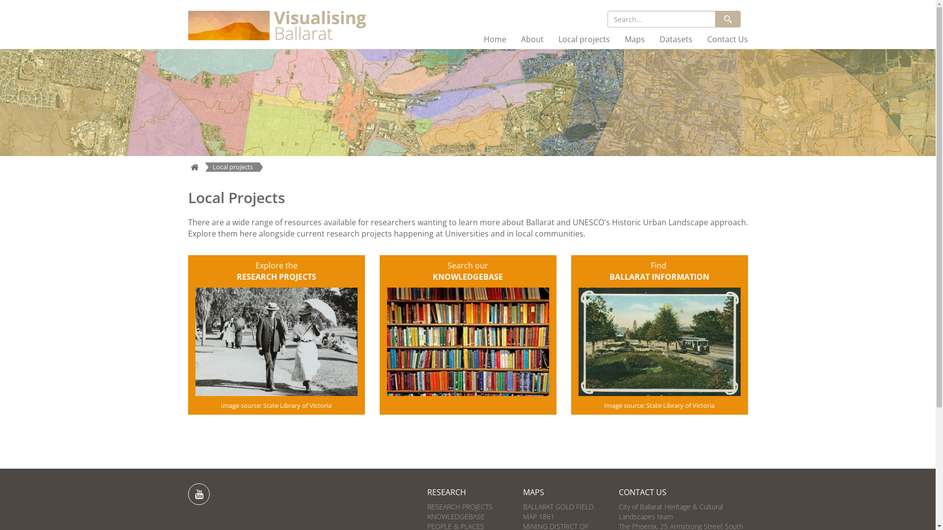 The image size is (943, 530). I want to click on ' ', so click(197, 494).